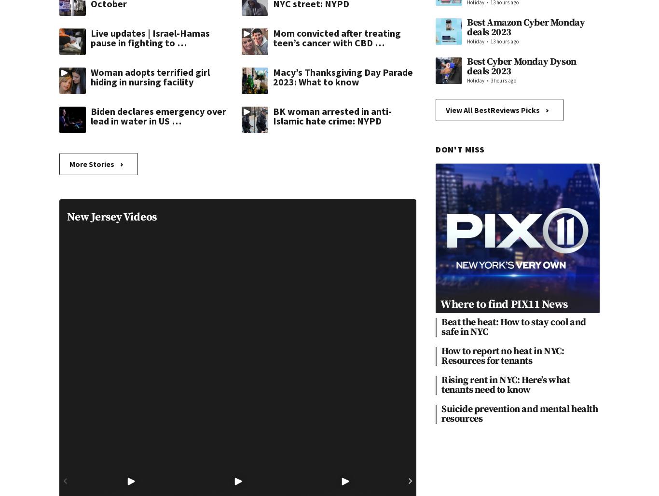 This screenshot has width=659, height=496. Describe the element at coordinates (504, 41) in the screenshot. I see `'13 hours ago'` at that location.